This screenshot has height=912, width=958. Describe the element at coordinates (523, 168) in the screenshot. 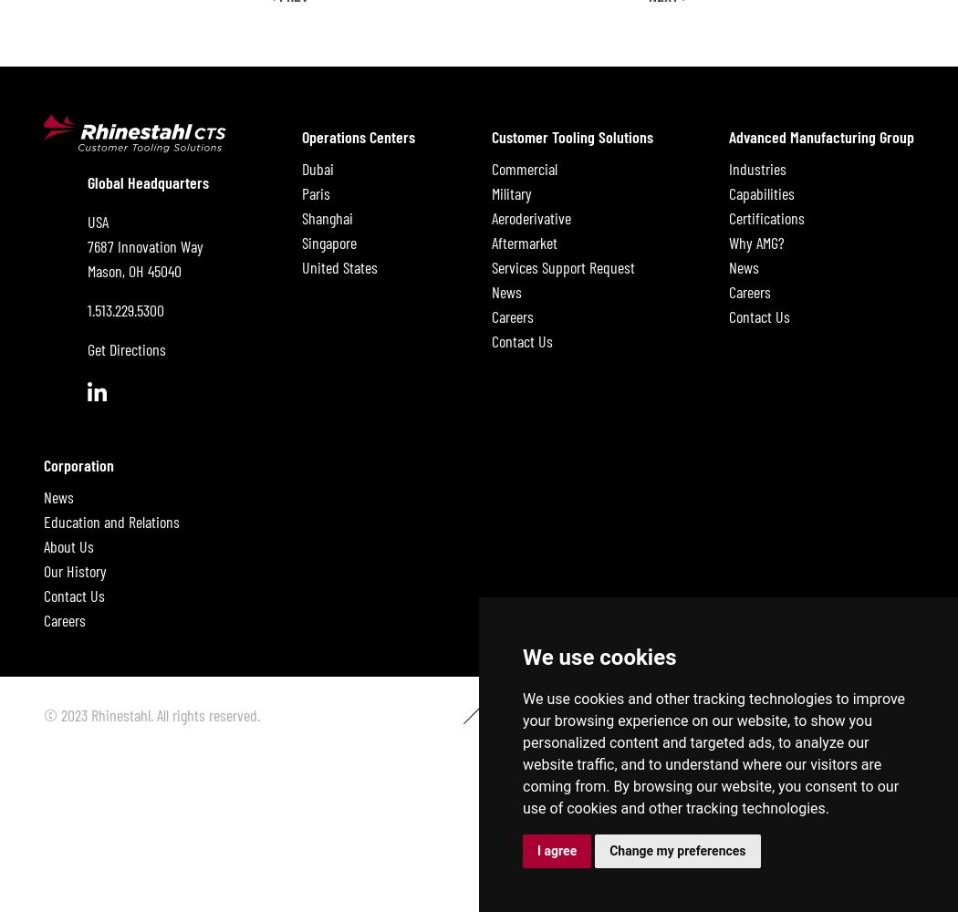

I see `'Commercial'` at that location.